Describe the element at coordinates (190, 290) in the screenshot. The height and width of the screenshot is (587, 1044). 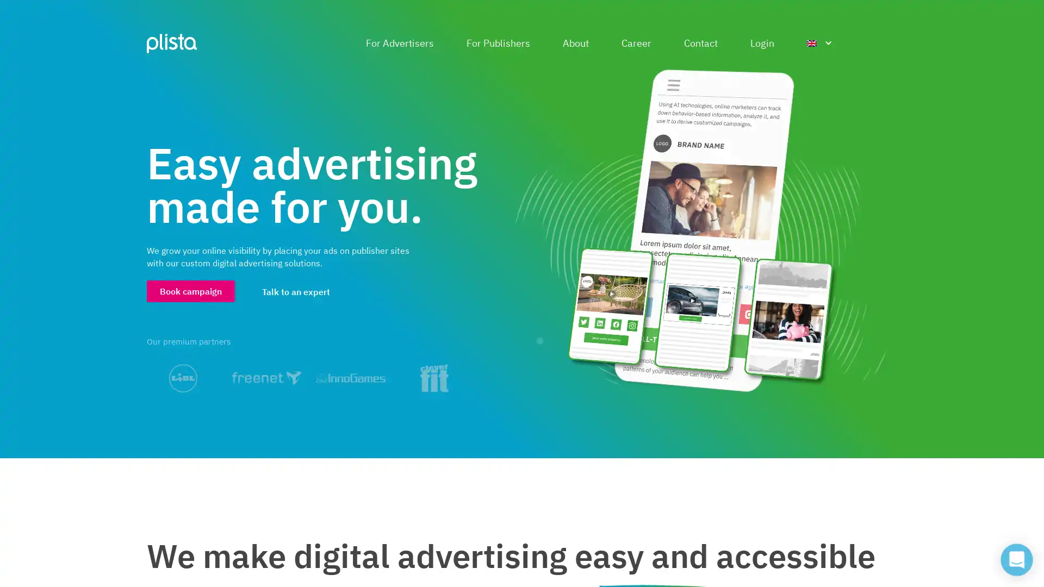
I see `Book campaign` at that location.